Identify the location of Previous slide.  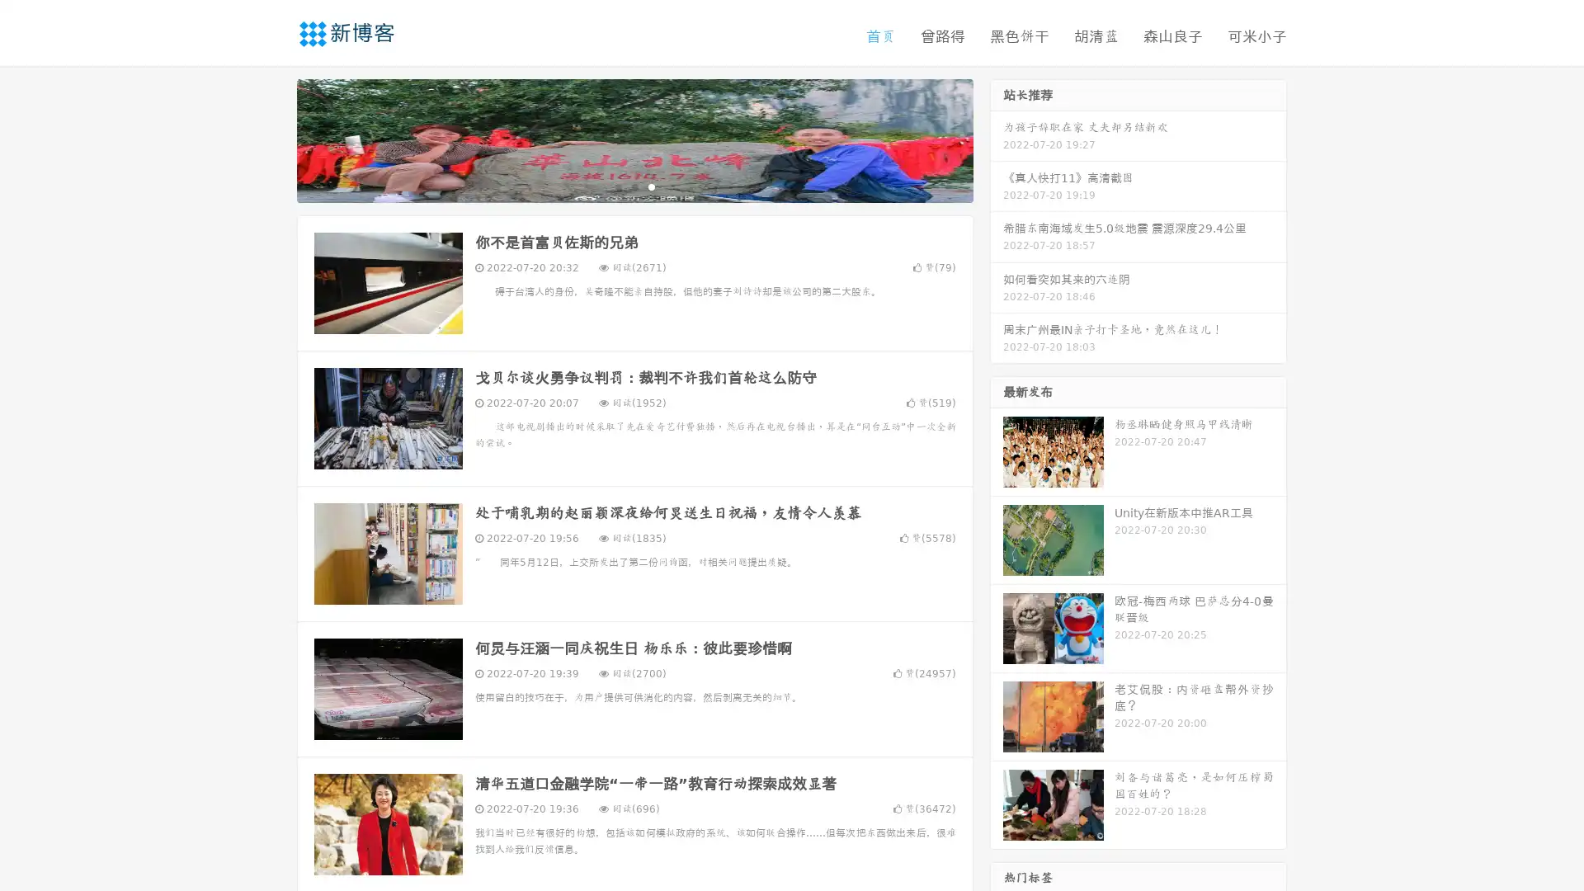
(272, 139).